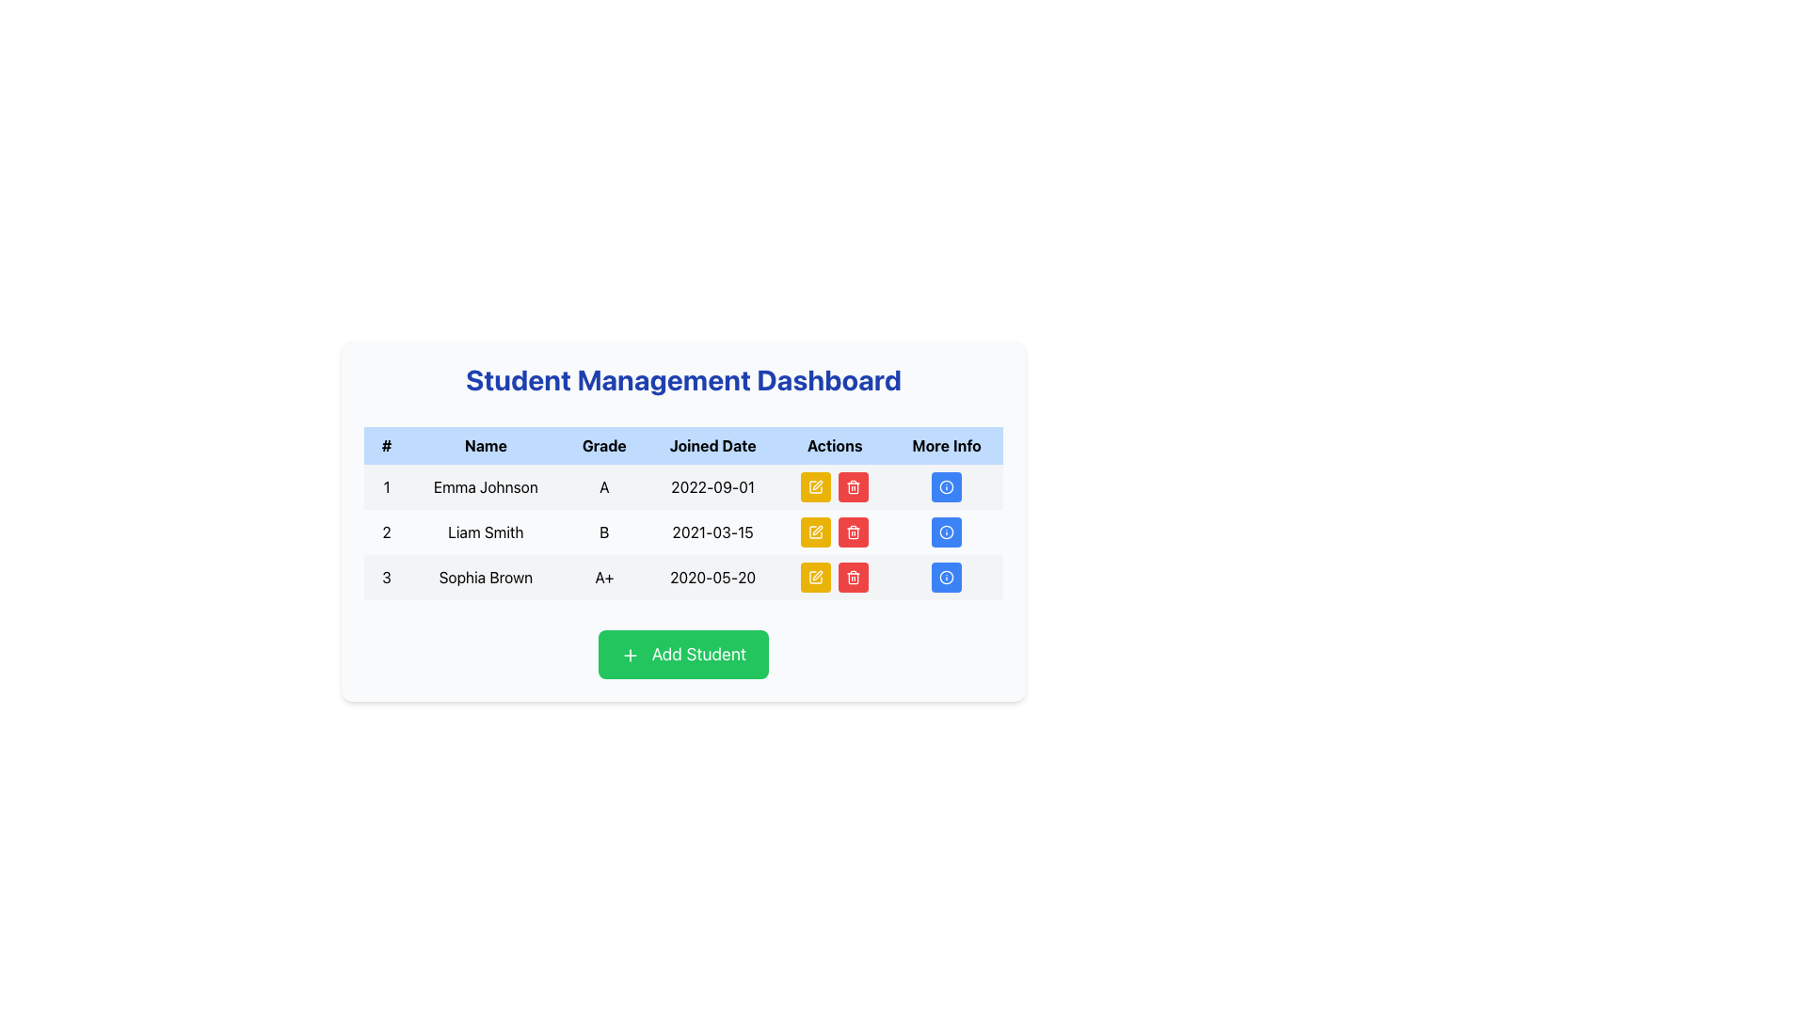  Describe the element at coordinates (947, 532) in the screenshot. I see `the information button with an 'i' symbol in the 'More Info' column of the second row for the student named 'Liam Smith'` at that location.